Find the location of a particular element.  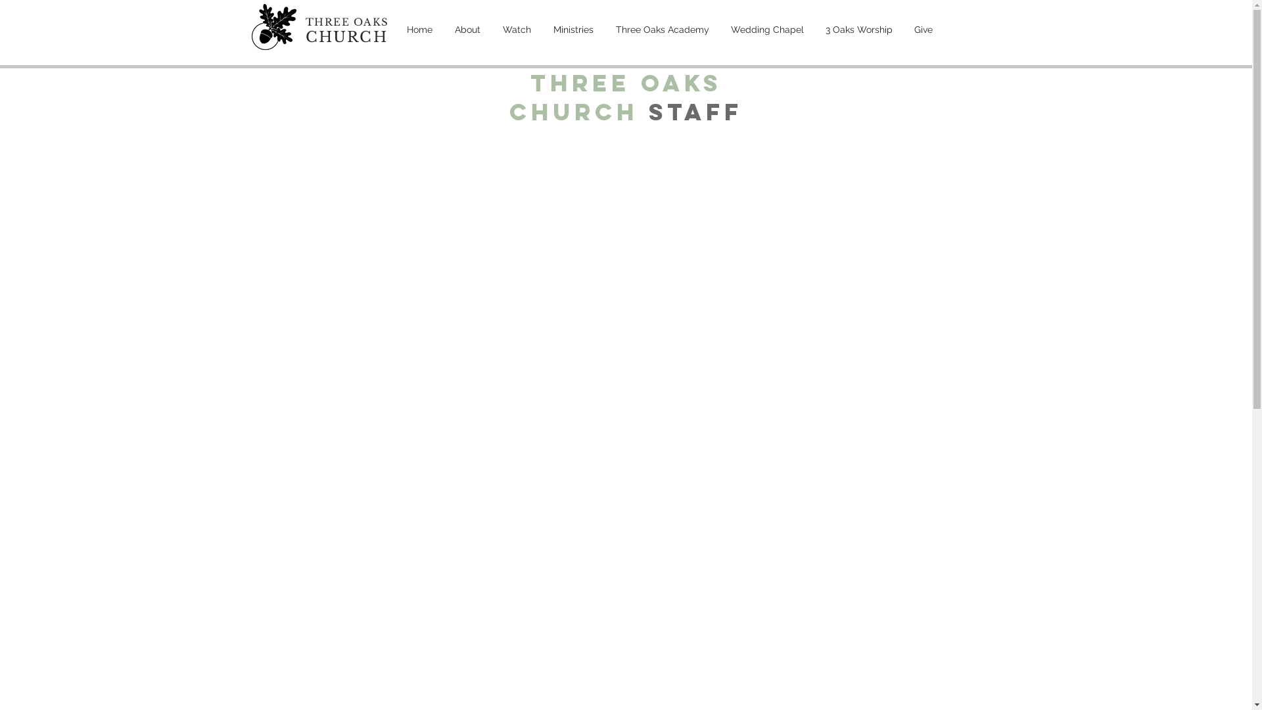

'Three Oaks Academy' is located at coordinates (663, 30).